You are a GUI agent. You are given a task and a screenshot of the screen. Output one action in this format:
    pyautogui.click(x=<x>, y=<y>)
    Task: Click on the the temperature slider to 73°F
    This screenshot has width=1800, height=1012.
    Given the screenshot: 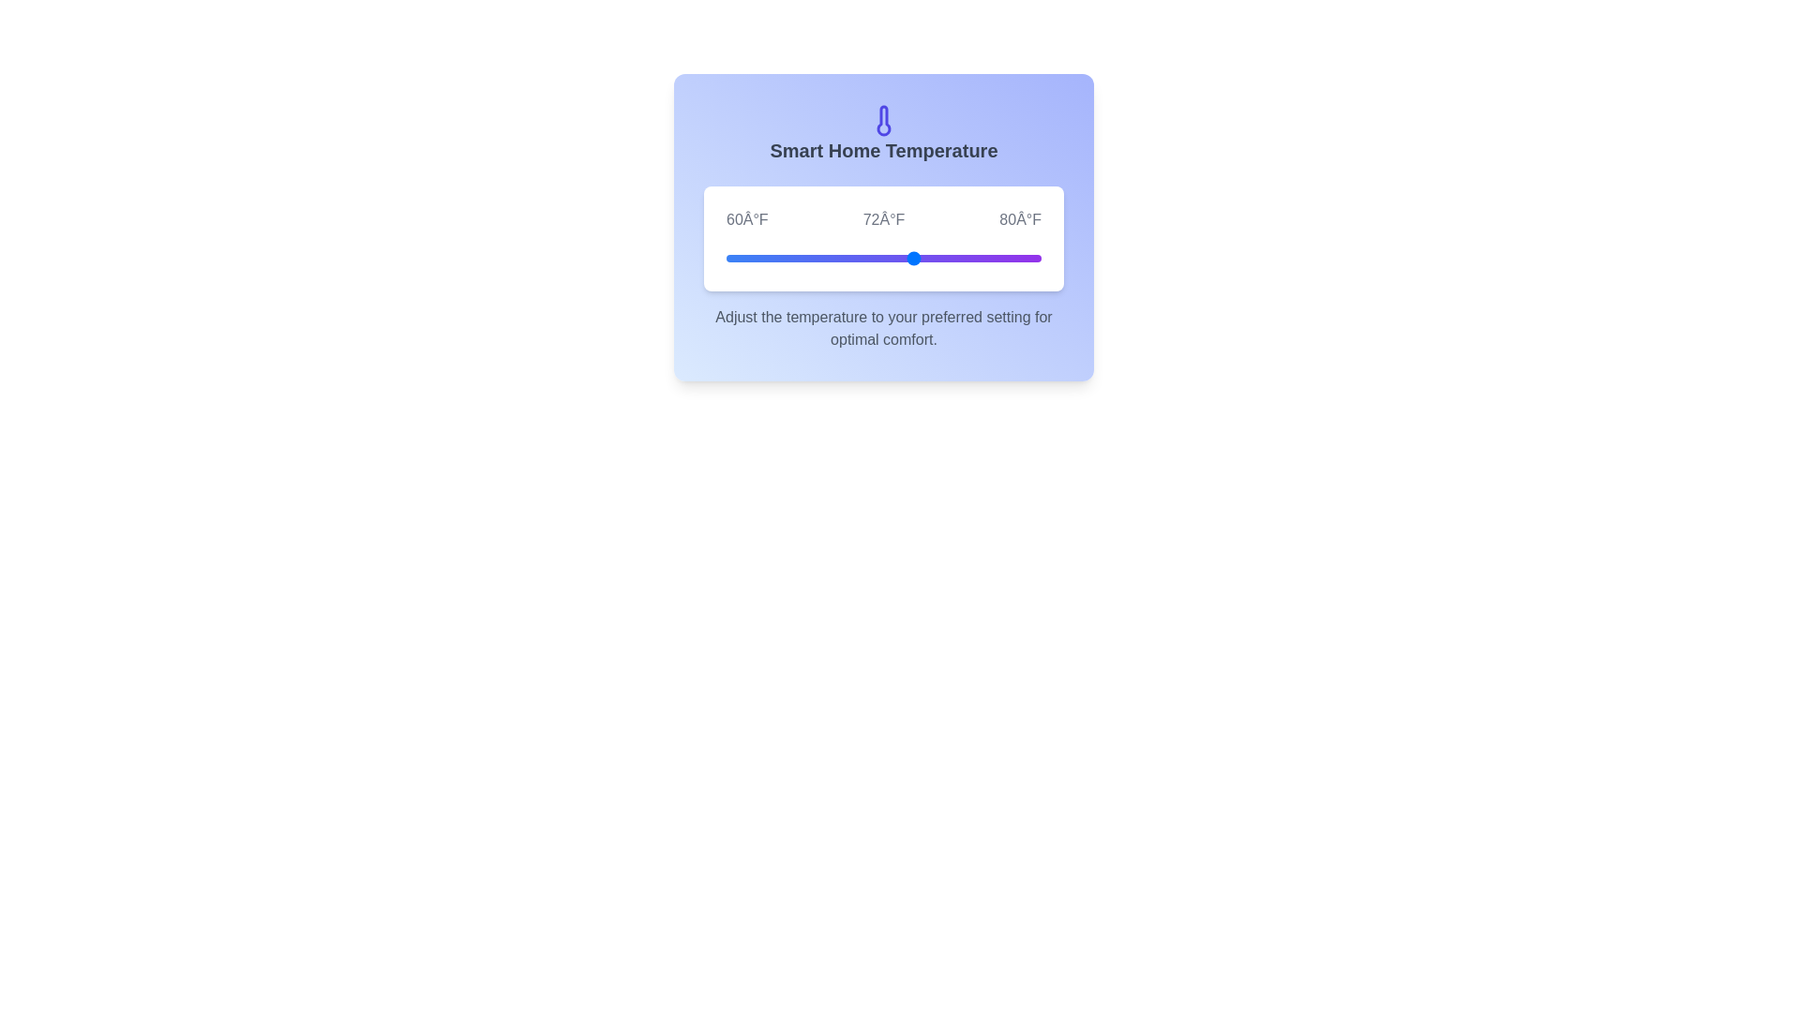 What is the action you would take?
    pyautogui.click(x=931, y=259)
    